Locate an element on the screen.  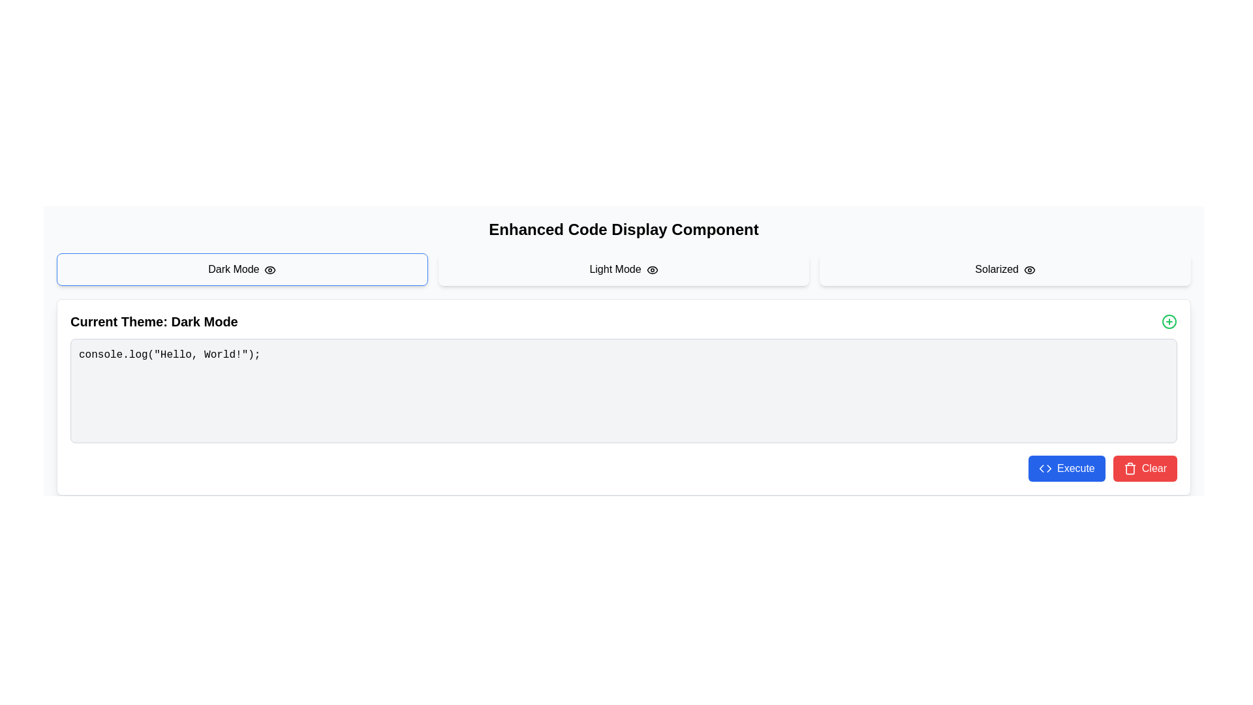
the blue button with rounded corners labeled 'Execute' is located at coordinates (1066, 467).